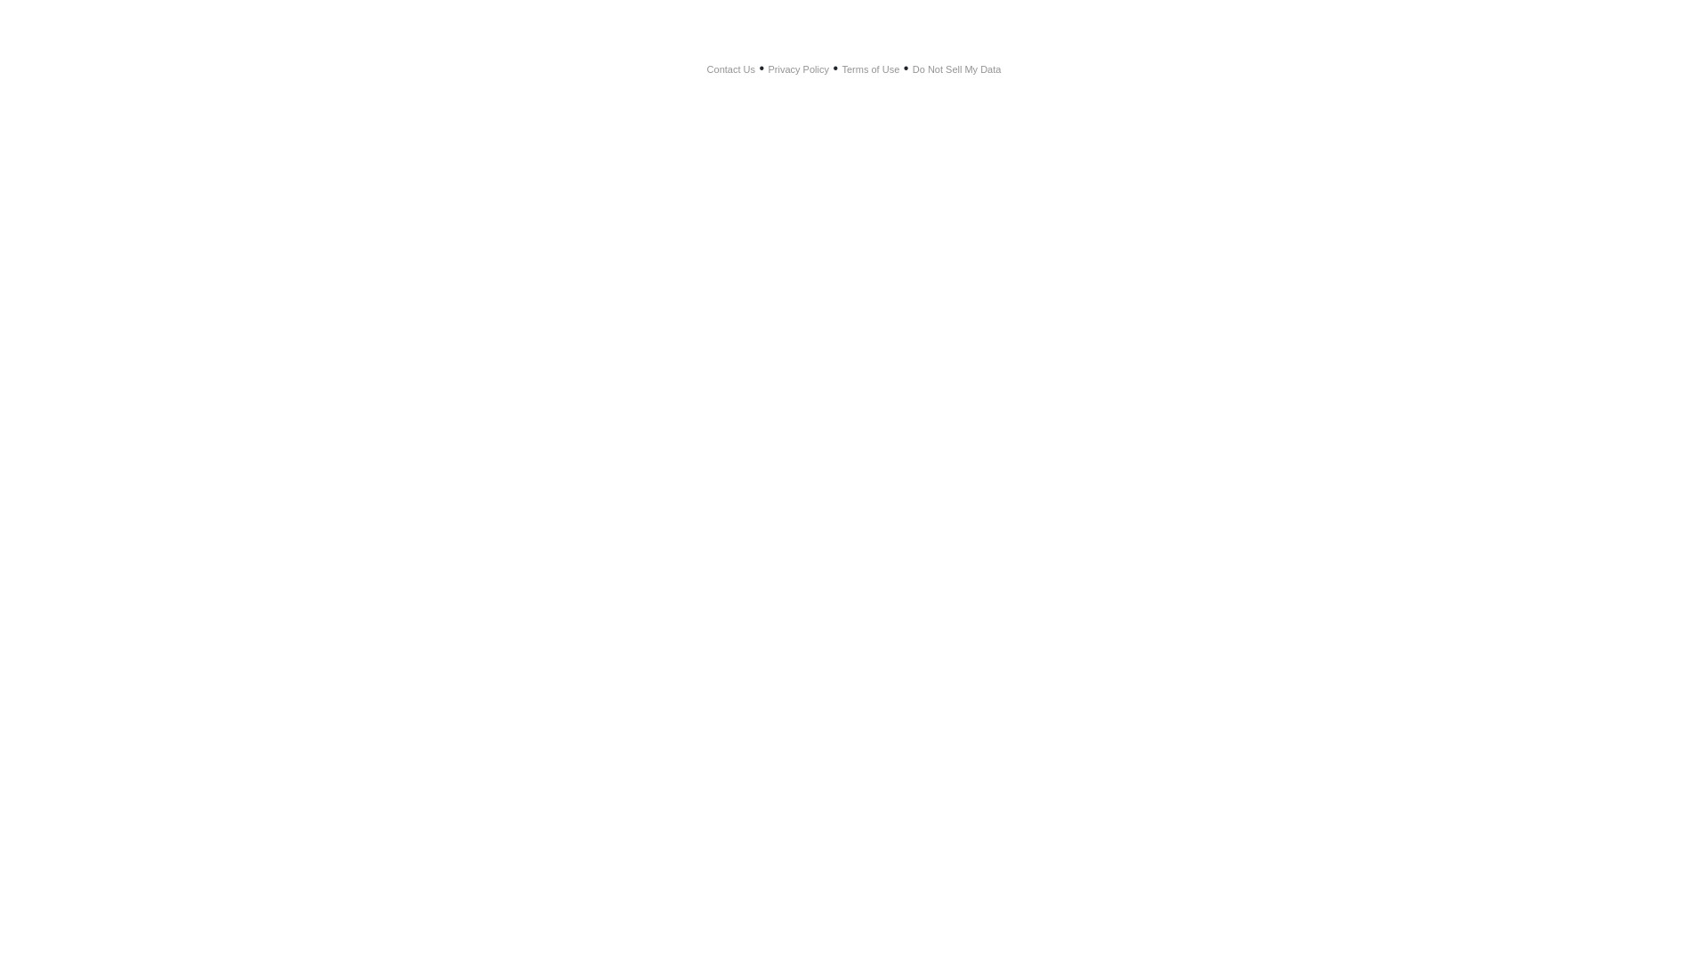  What do you see at coordinates (730, 68) in the screenshot?
I see `'Contact Us'` at bounding box center [730, 68].